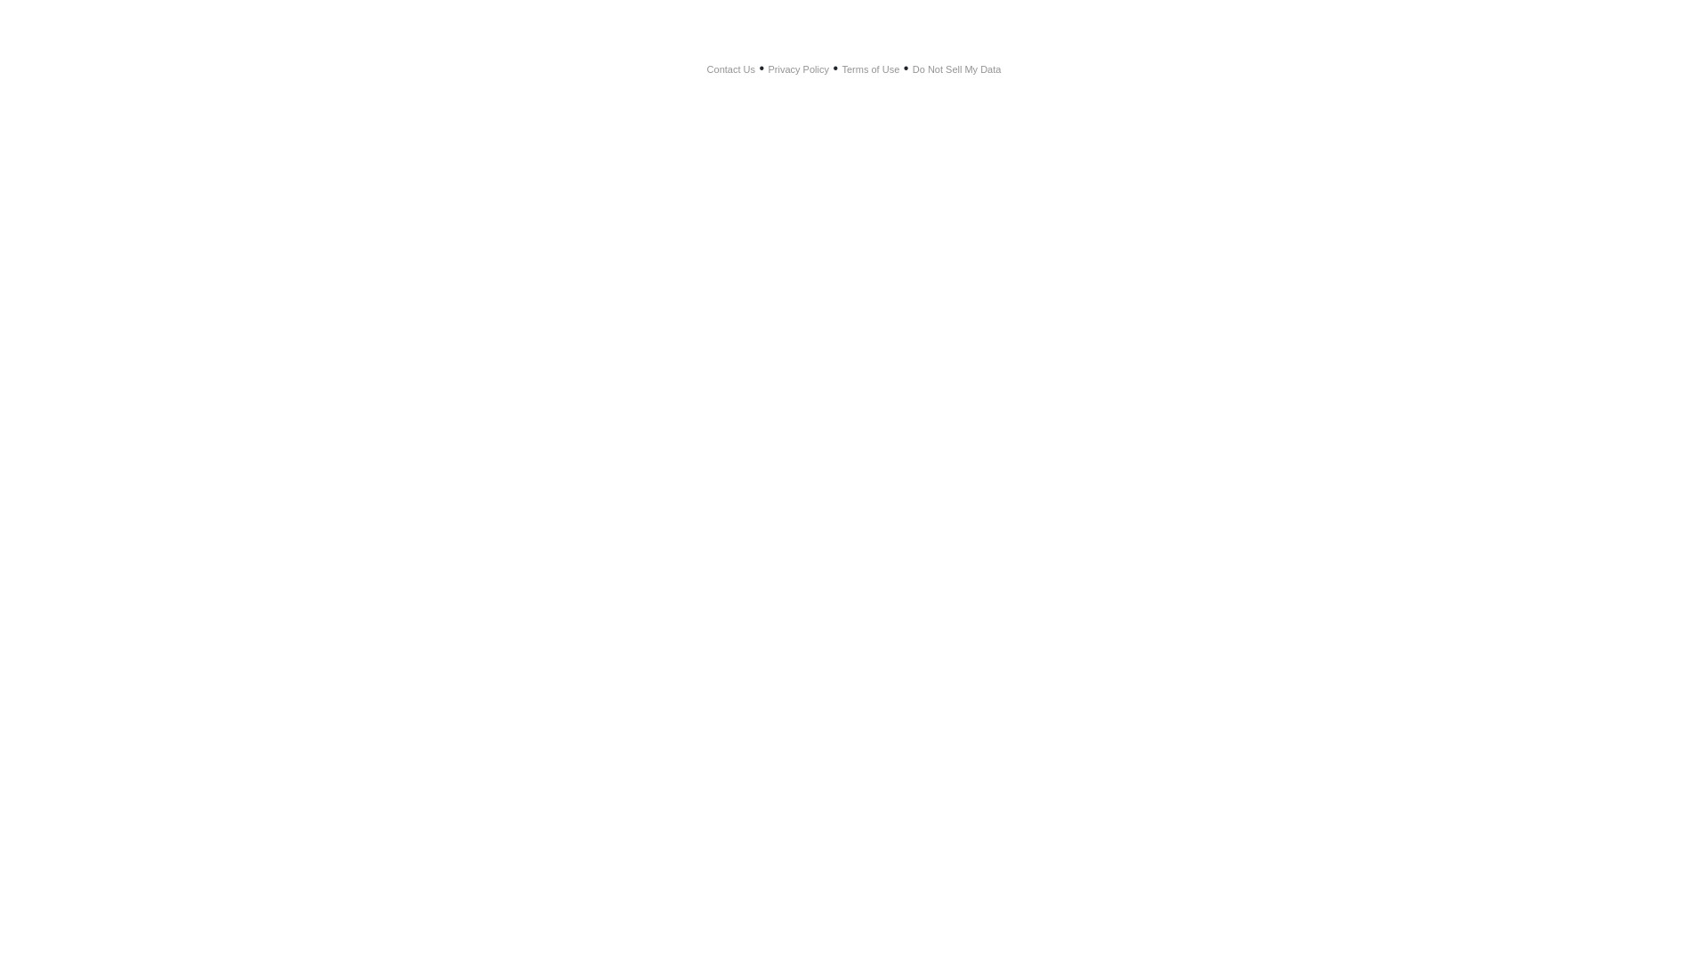  What do you see at coordinates (730, 68) in the screenshot?
I see `'Contact Us'` at bounding box center [730, 68].